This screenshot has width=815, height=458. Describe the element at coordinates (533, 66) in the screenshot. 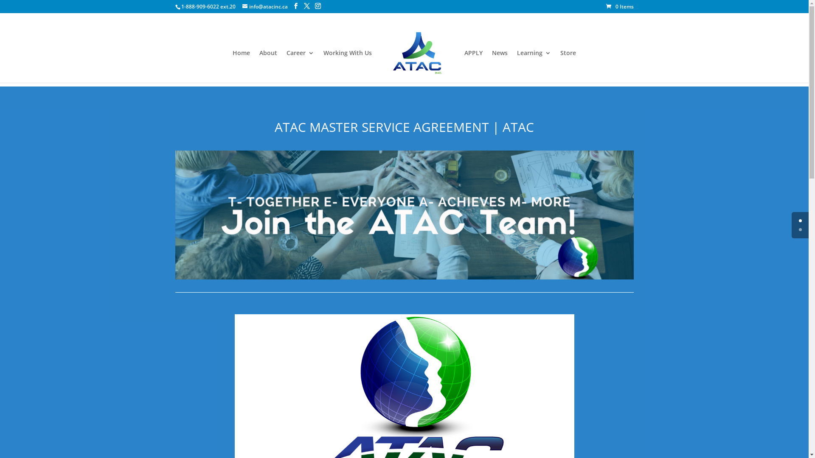

I see `'Learning'` at that location.